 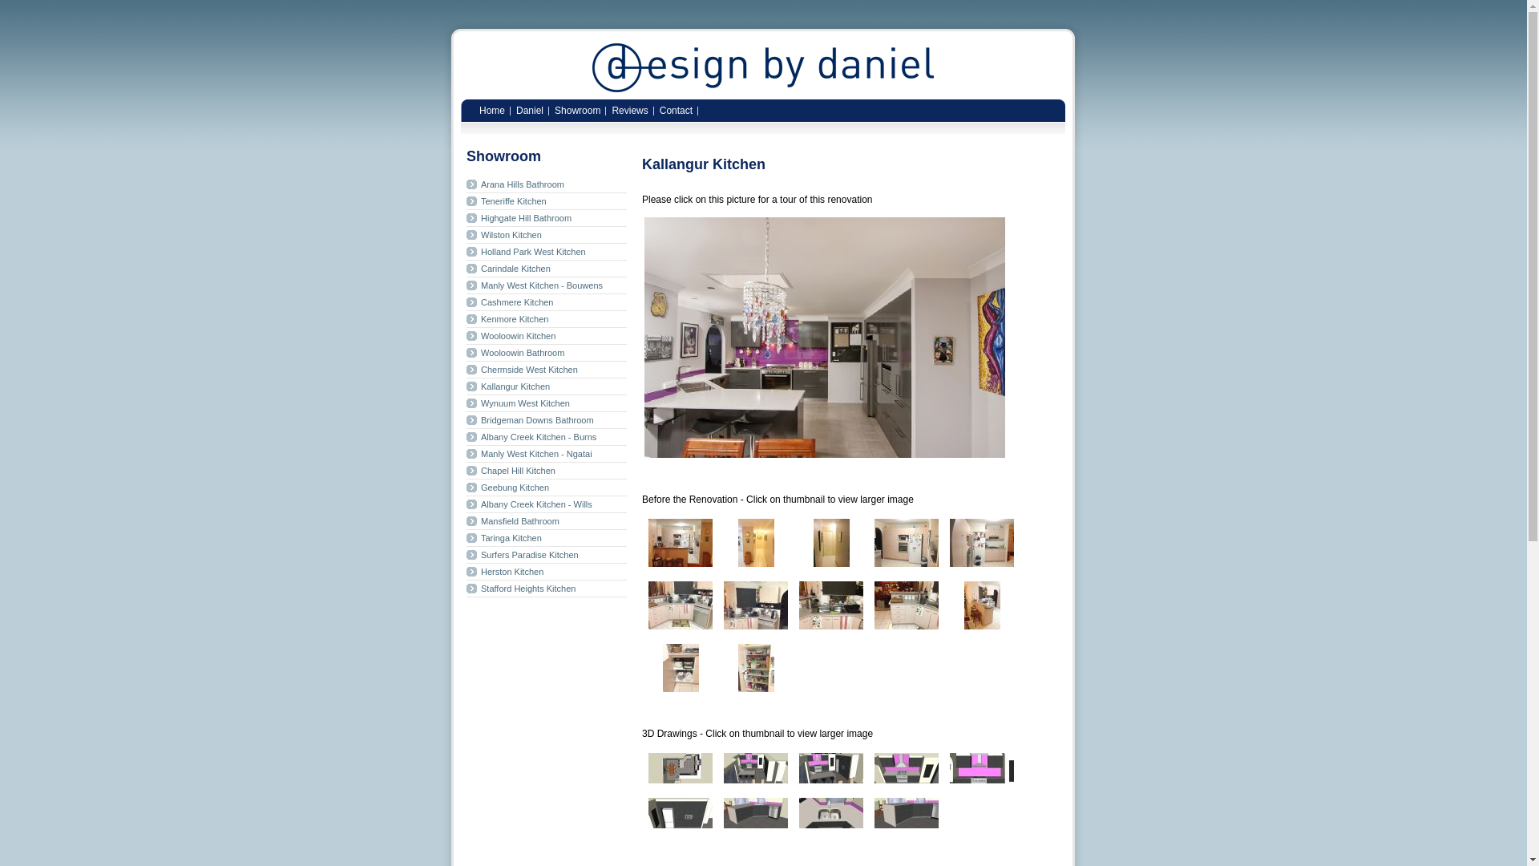 I want to click on 'Chermside West Kitchen', so click(x=546, y=370).